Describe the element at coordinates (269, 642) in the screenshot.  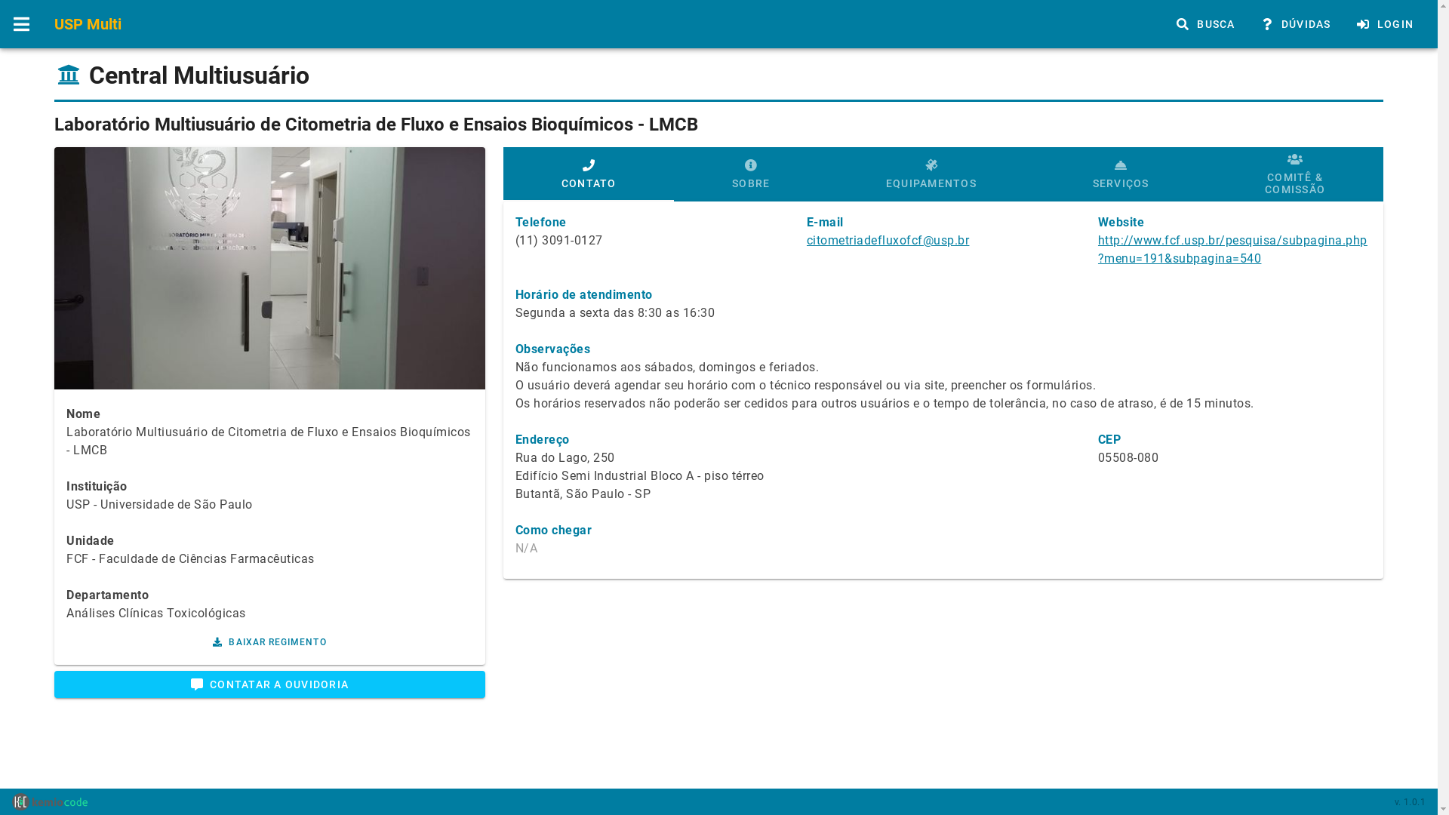
I see `'BAIXAR REGIMENTO'` at that location.